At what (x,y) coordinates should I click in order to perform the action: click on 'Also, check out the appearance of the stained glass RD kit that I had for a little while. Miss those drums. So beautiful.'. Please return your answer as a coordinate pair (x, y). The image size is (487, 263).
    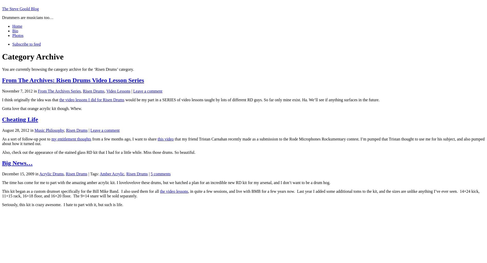
    Looking at the image, I should click on (98, 152).